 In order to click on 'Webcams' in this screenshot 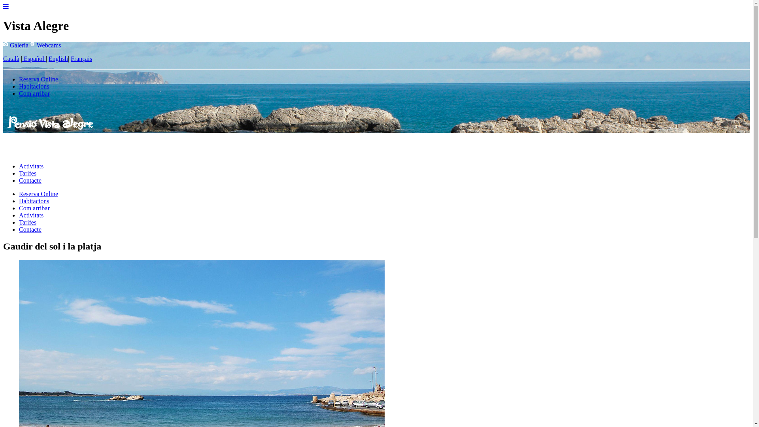, I will do `click(49, 45)`.